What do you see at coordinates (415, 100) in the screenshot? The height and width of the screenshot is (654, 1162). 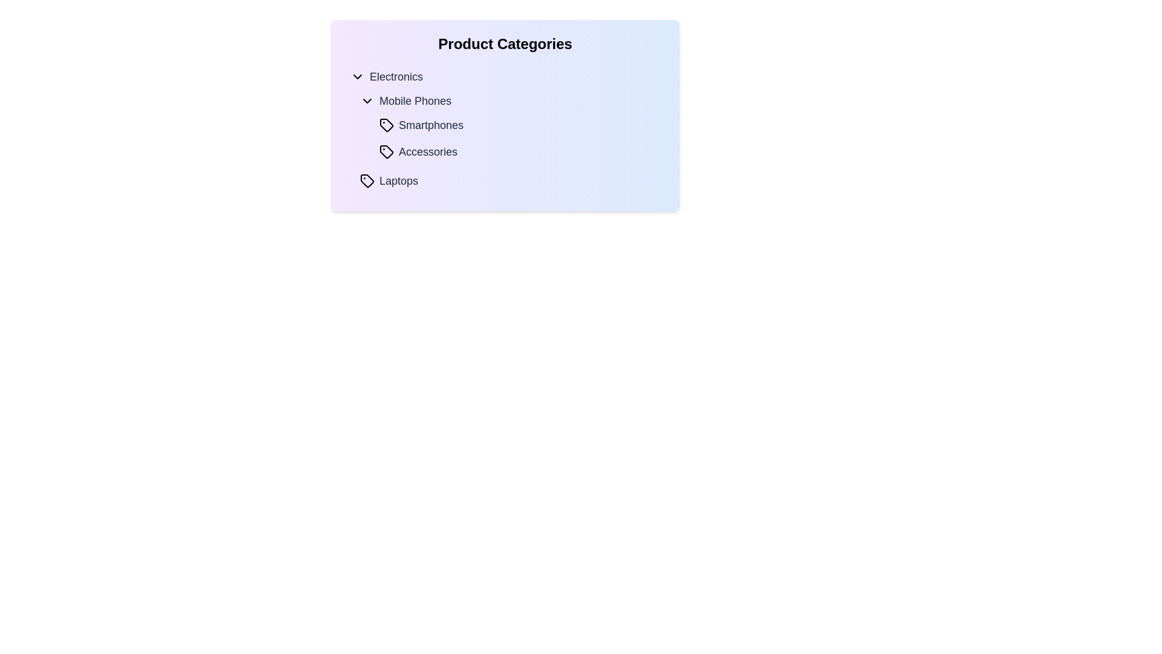 I see `the 'Mobile Phones' static text label located in the sidebar menu under the 'Electronics' category, which indicates the current selection of the product categories` at bounding box center [415, 100].